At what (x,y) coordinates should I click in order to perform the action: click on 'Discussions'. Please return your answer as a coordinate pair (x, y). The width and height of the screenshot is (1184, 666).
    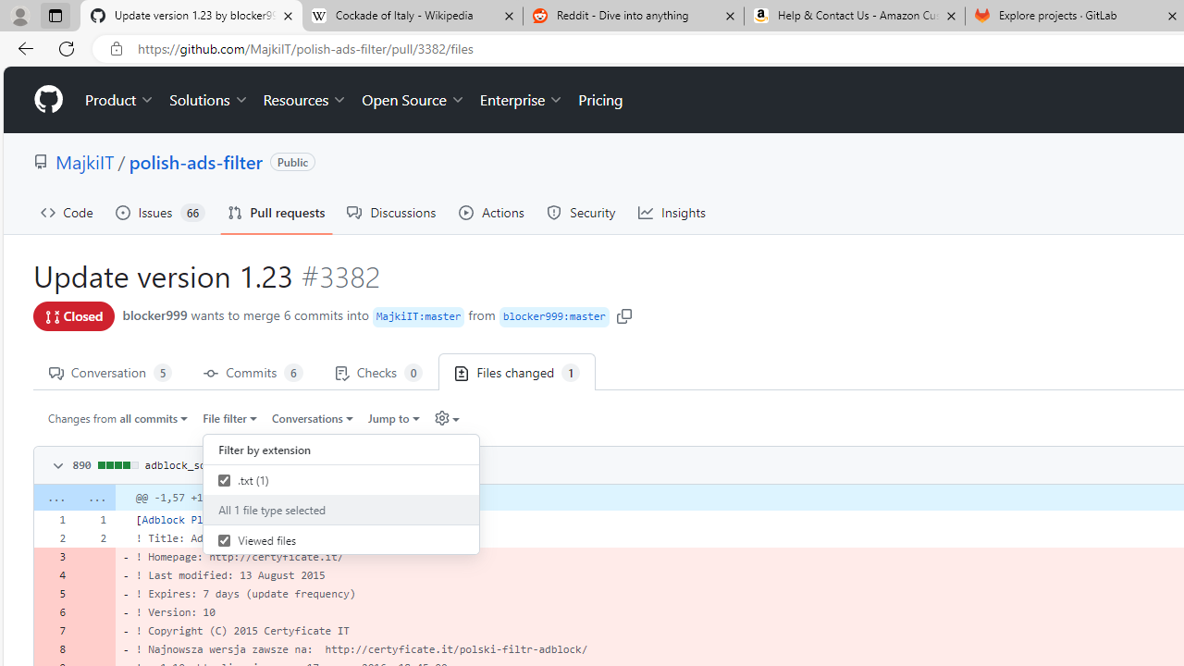
    Looking at the image, I should click on (391, 212).